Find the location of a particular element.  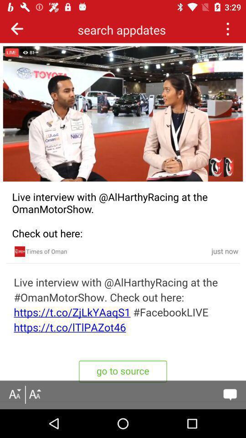

the arrow_backward icon is located at coordinates (17, 28).